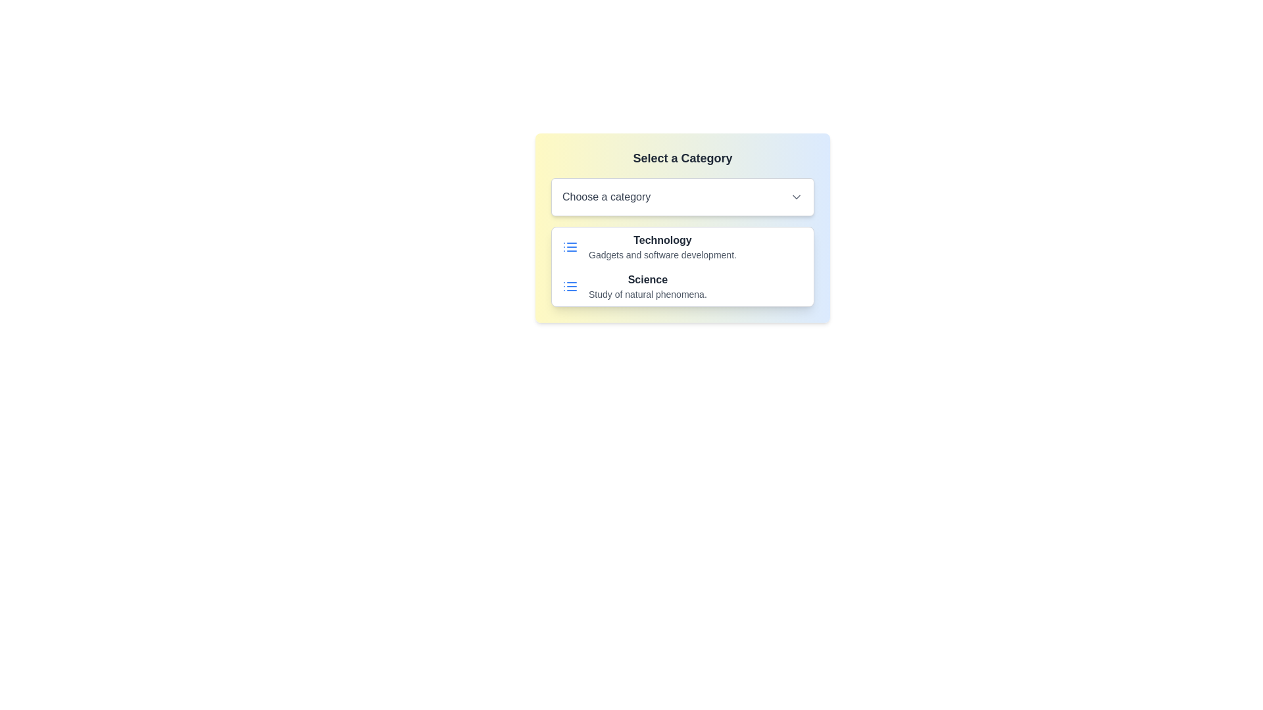 This screenshot has height=710, width=1263. I want to click on the Static text label displaying 'Study of natural phenomena.' which is located below the bold 'Science' label in the category selection interface, so click(647, 293).